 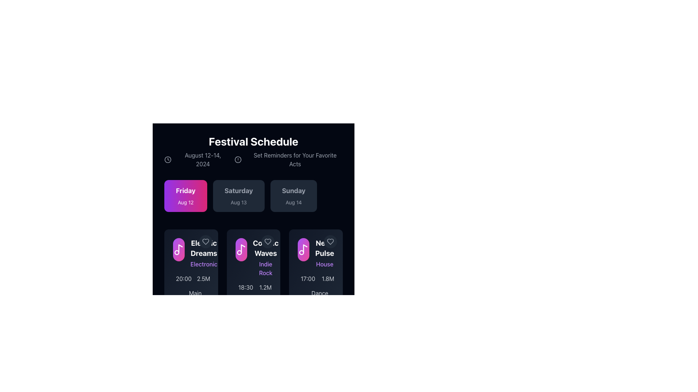 I want to click on the heart-shaped icon to favorite the event in the 'Electric Dreams' card located under the 'Friday' tab, so click(x=205, y=242).